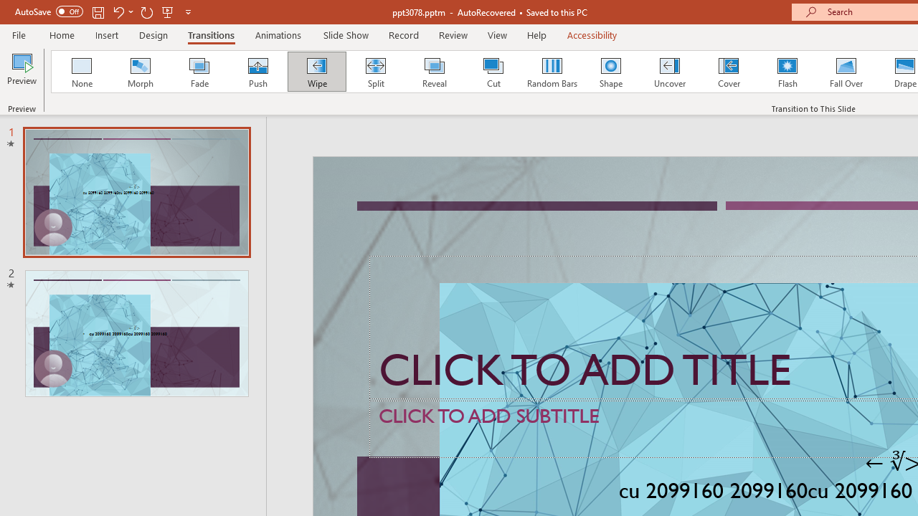 The image size is (918, 516). What do you see at coordinates (846, 72) in the screenshot?
I see `'Fall Over'` at bounding box center [846, 72].